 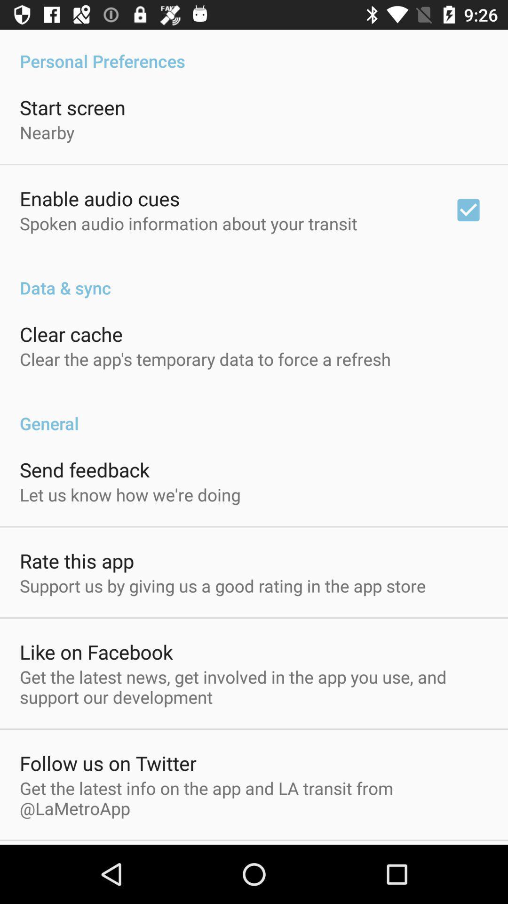 What do you see at coordinates (468, 210) in the screenshot?
I see `icon next to spoken audio information item` at bounding box center [468, 210].